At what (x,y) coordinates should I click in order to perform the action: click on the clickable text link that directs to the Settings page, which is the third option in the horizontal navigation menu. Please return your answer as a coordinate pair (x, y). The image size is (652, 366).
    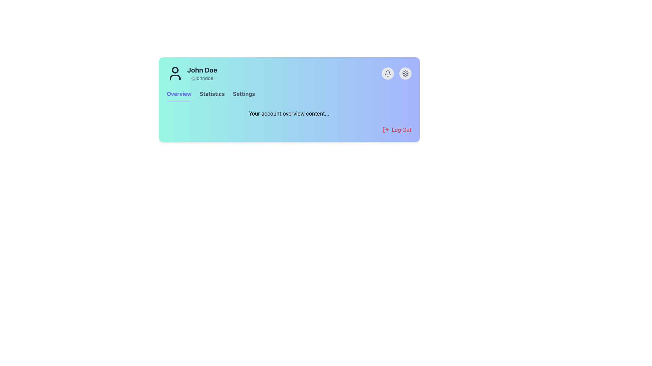
    Looking at the image, I should click on (244, 95).